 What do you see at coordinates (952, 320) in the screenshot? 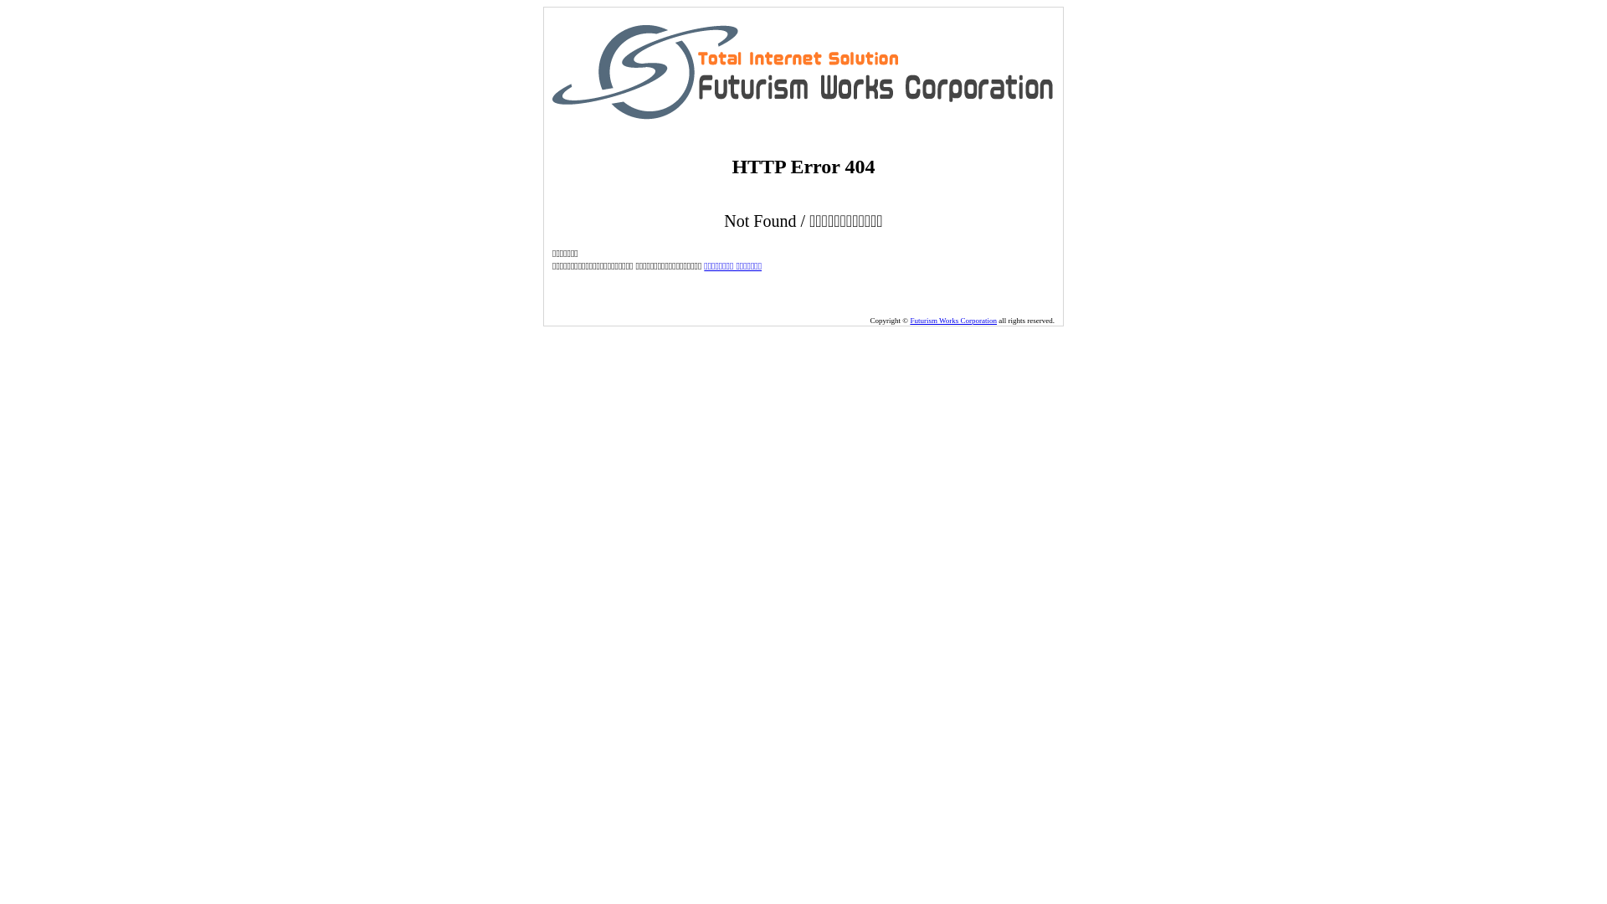
I see `'Futurism Works Corporation'` at bounding box center [952, 320].